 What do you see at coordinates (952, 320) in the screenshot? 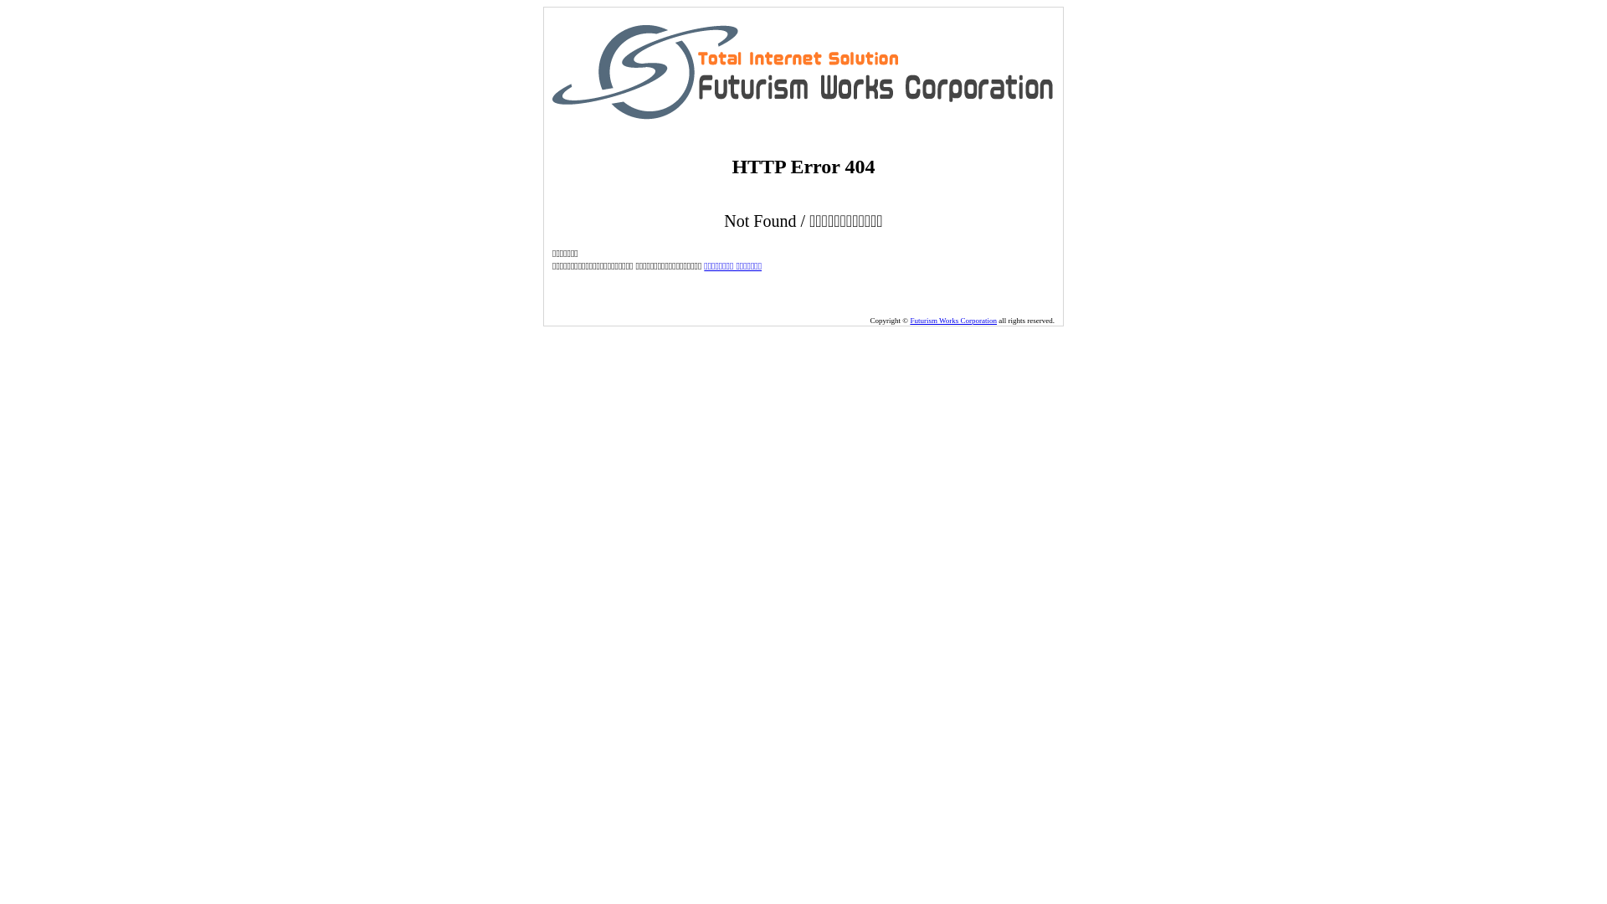
I see `'Futurism Works Corporation'` at bounding box center [952, 320].